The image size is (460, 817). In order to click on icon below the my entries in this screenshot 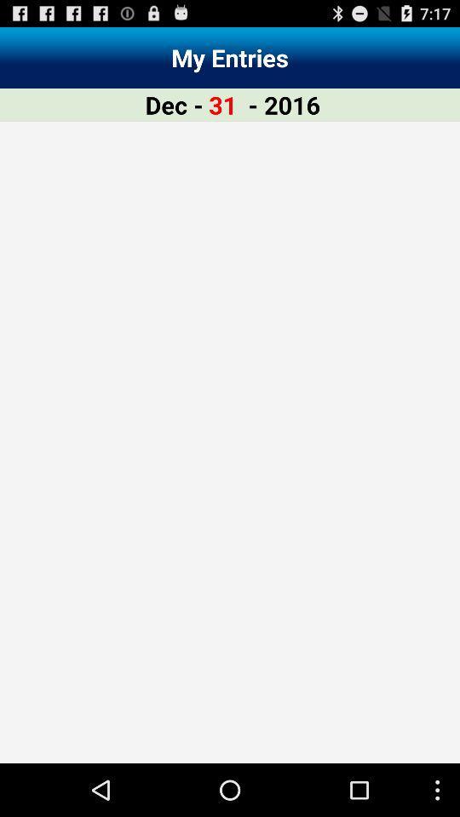, I will do `click(173, 104)`.